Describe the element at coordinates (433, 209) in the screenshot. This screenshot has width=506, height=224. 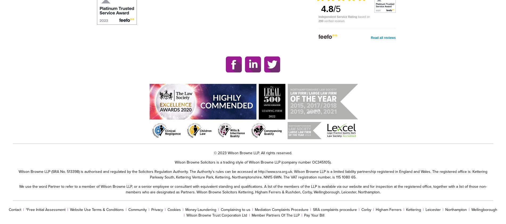
I see `'Leicester'` at that location.